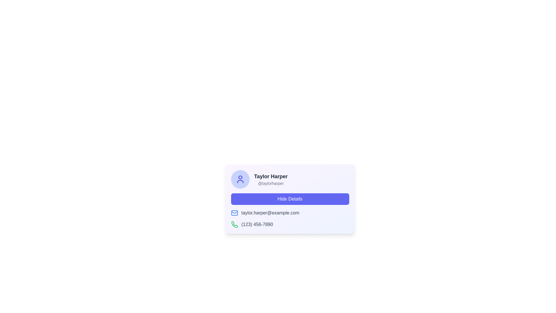 The height and width of the screenshot is (313, 556). Describe the element at coordinates (234, 213) in the screenshot. I see `the envelope icon in the contact card layout, located to the left of the email text 'taylor.harper@example.com'` at that location.